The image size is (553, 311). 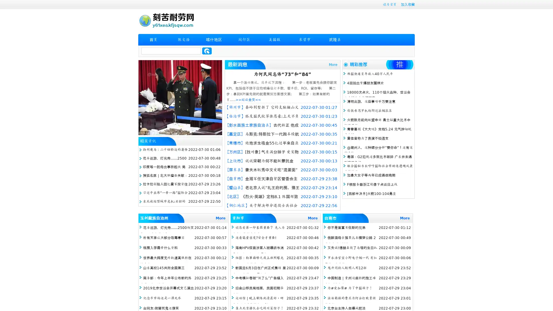 I want to click on Search, so click(x=207, y=51).